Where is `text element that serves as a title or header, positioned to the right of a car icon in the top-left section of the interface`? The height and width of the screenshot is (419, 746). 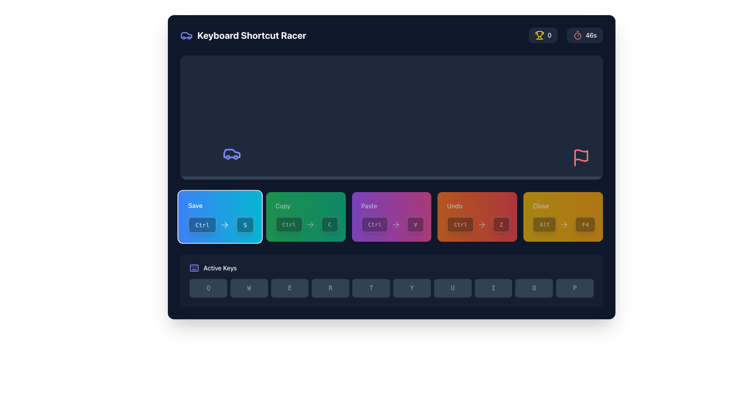
text element that serves as a title or header, positioned to the right of a car icon in the top-left section of the interface is located at coordinates (252, 35).